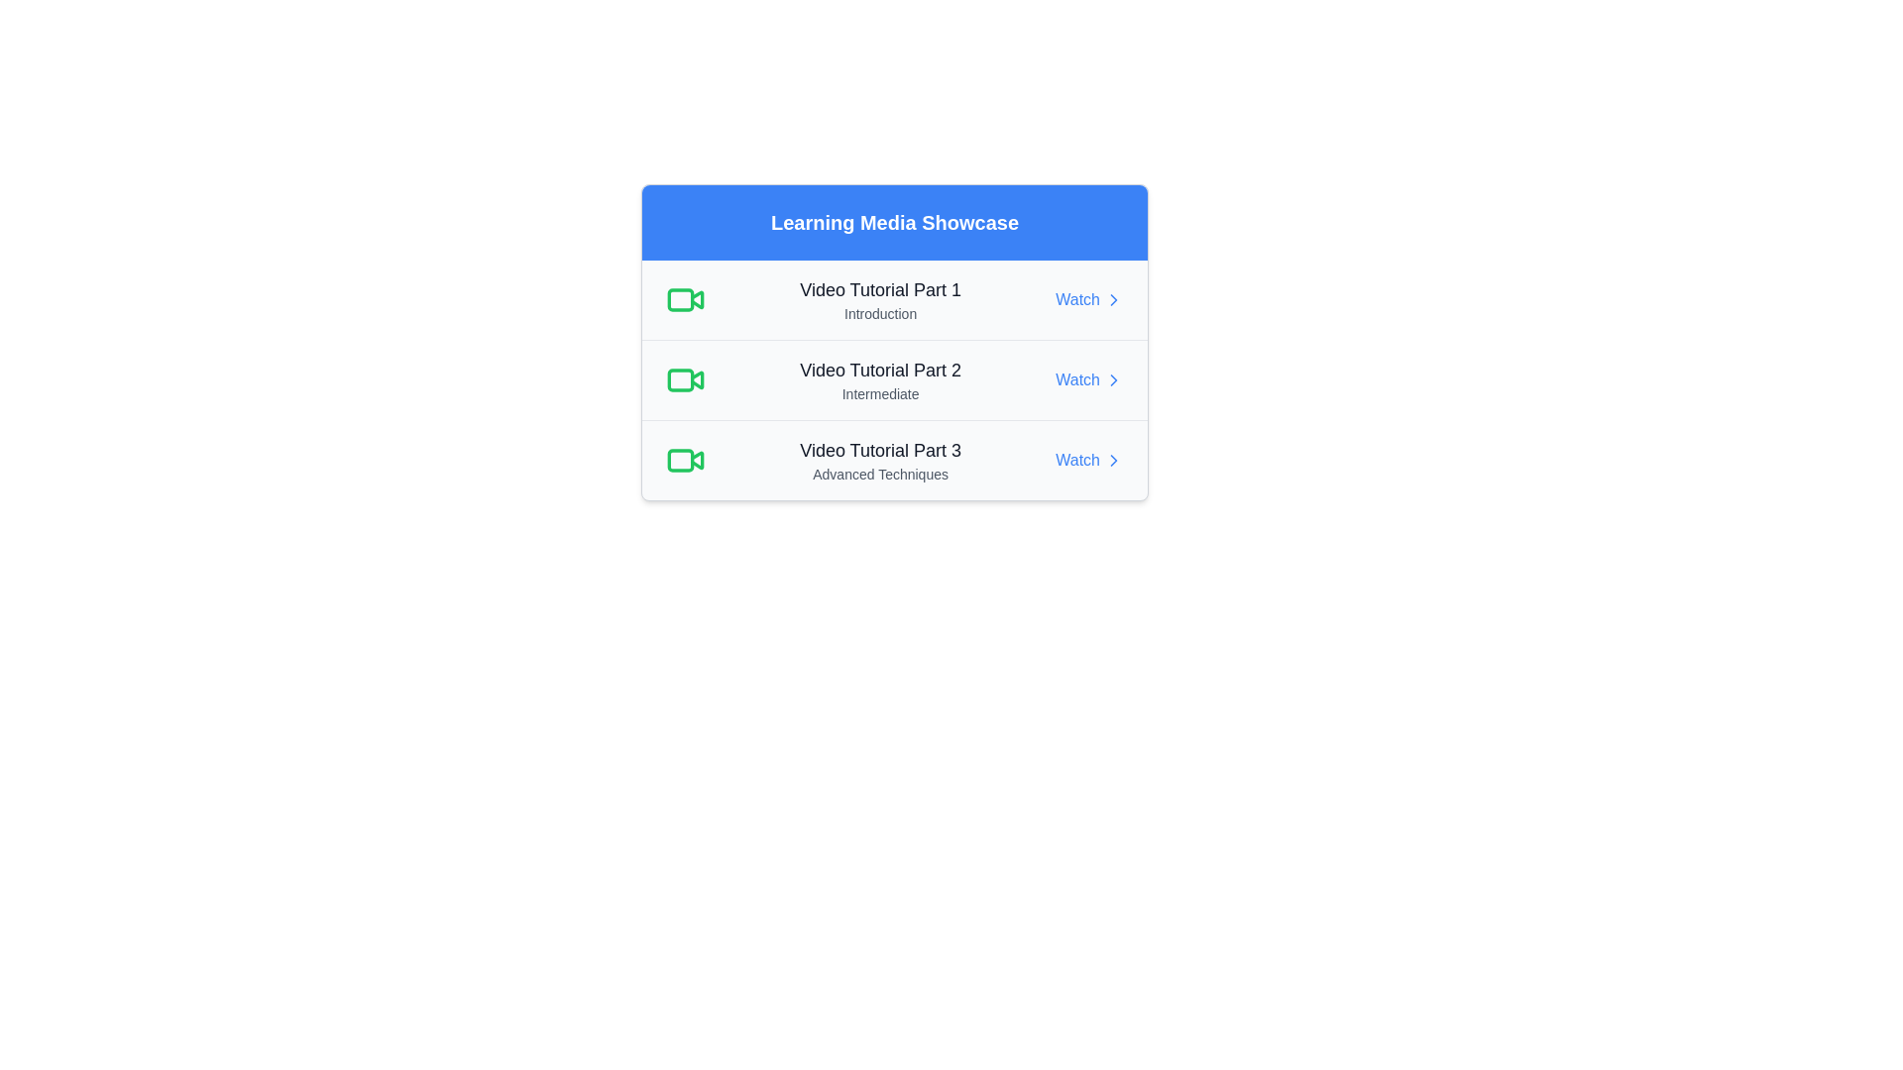 The width and height of the screenshot is (1903, 1070). Describe the element at coordinates (1088, 380) in the screenshot. I see `the blue text link labeled 'Watch' with an adjacent rightward arrow icon to activate the underline effect` at that location.